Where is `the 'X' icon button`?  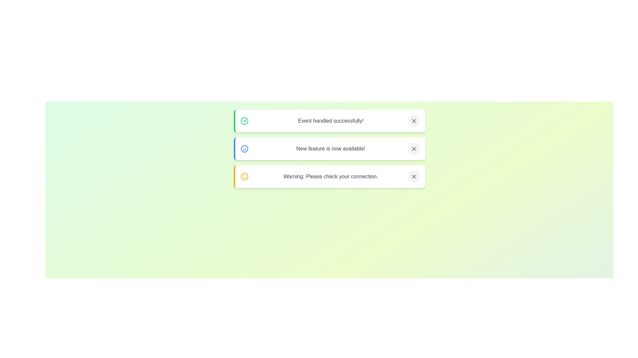 the 'X' icon button is located at coordinates (413, 176).